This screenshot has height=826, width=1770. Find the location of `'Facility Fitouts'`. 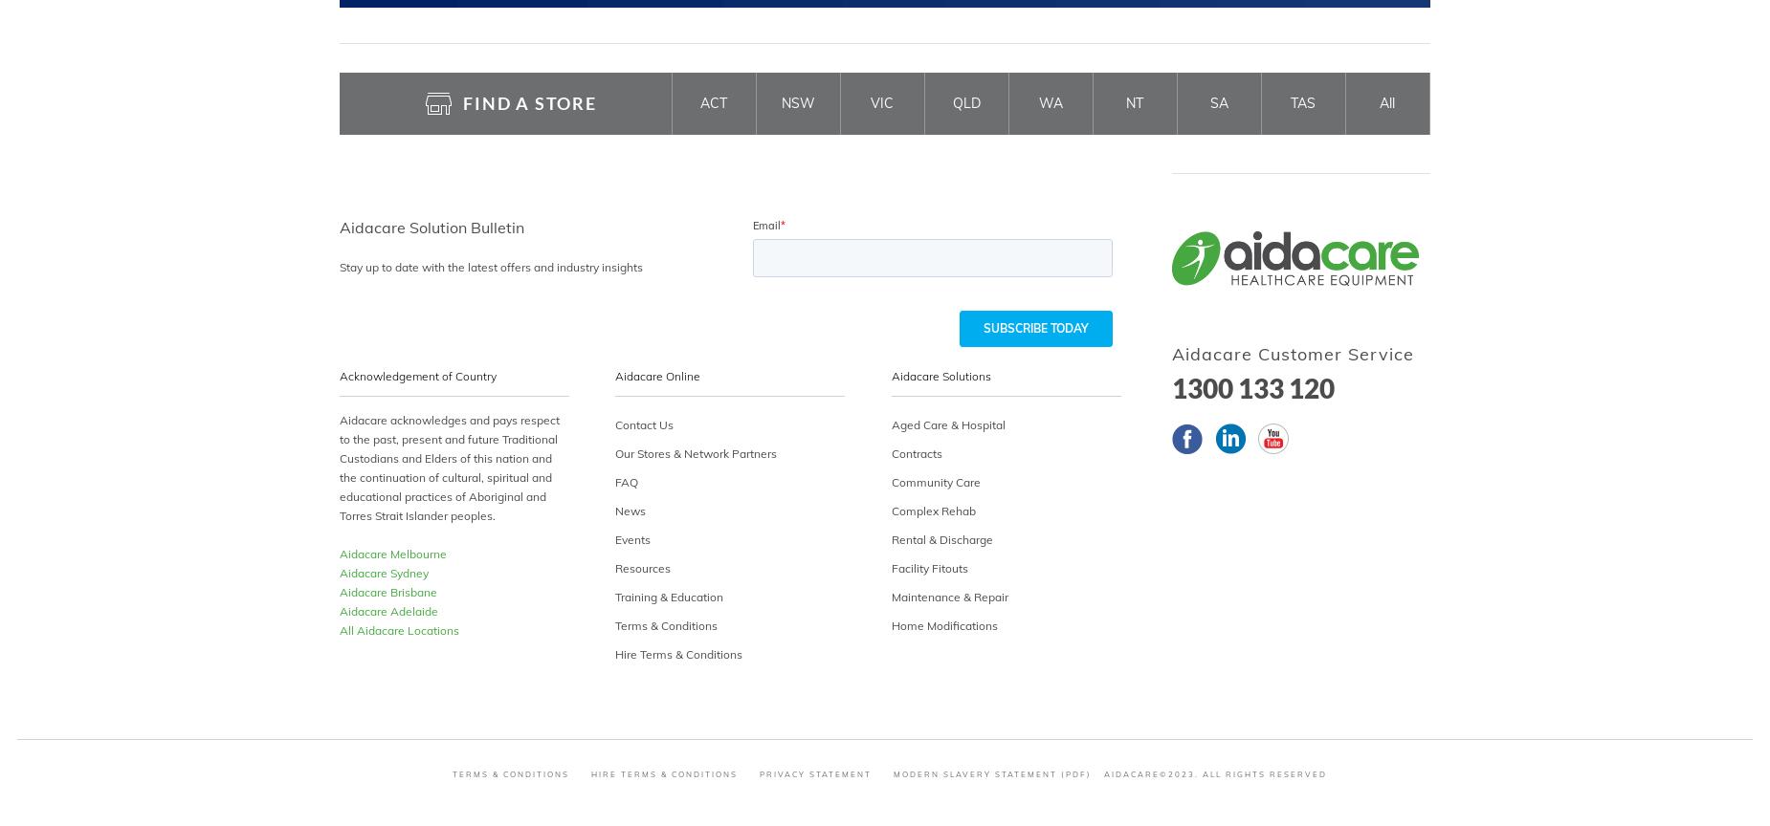

'Facility Fitouts' is located at coordinates (889, 566).